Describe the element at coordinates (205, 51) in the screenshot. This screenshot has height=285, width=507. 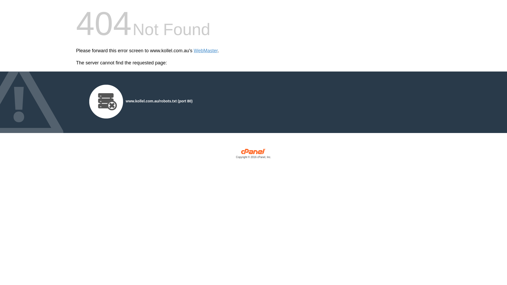
I see `'WebMaster'` at that location.